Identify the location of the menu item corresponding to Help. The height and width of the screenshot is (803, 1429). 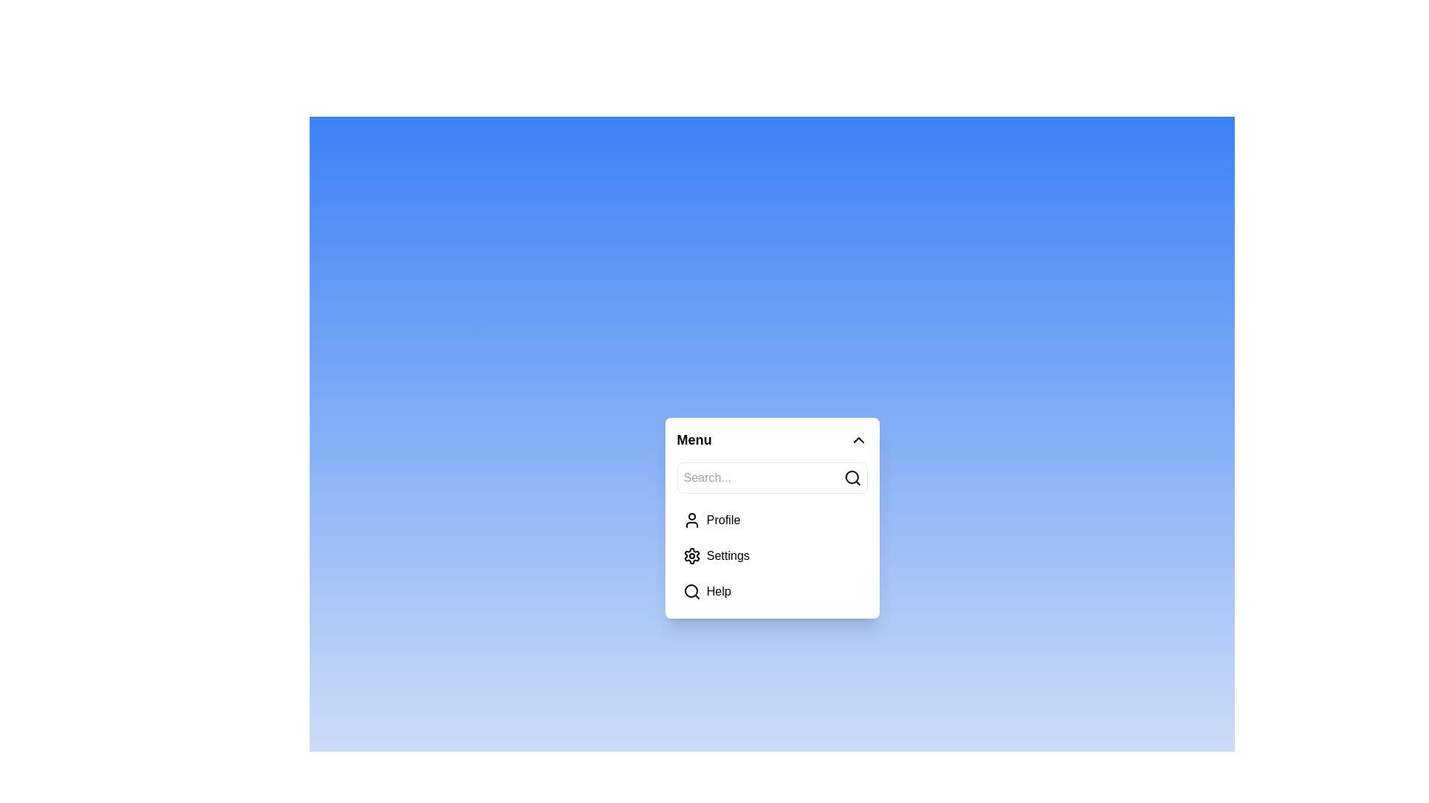
(691, 590).